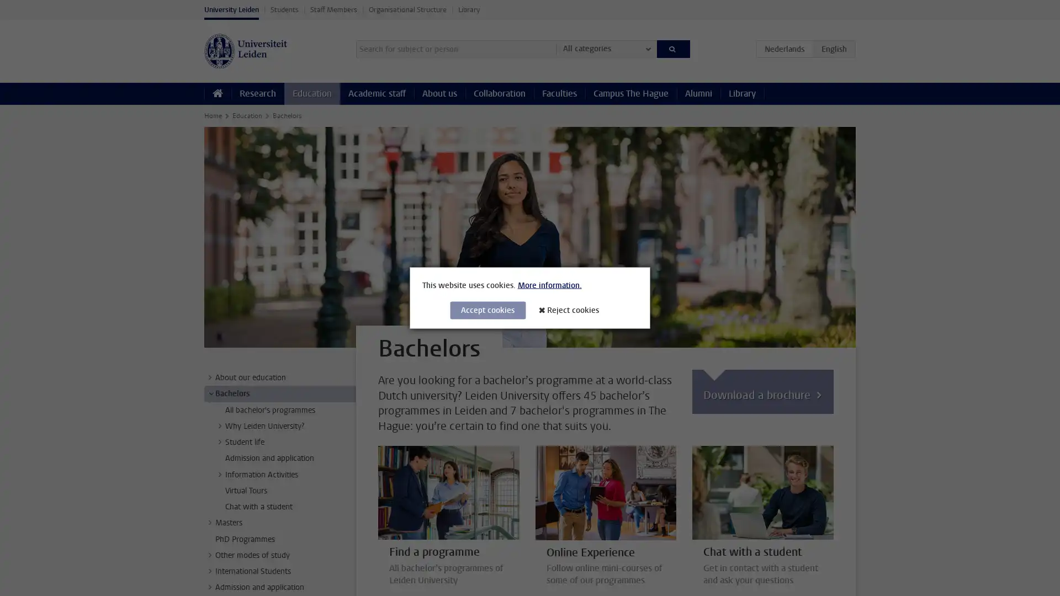  I want to click on >, so click(220, 473).